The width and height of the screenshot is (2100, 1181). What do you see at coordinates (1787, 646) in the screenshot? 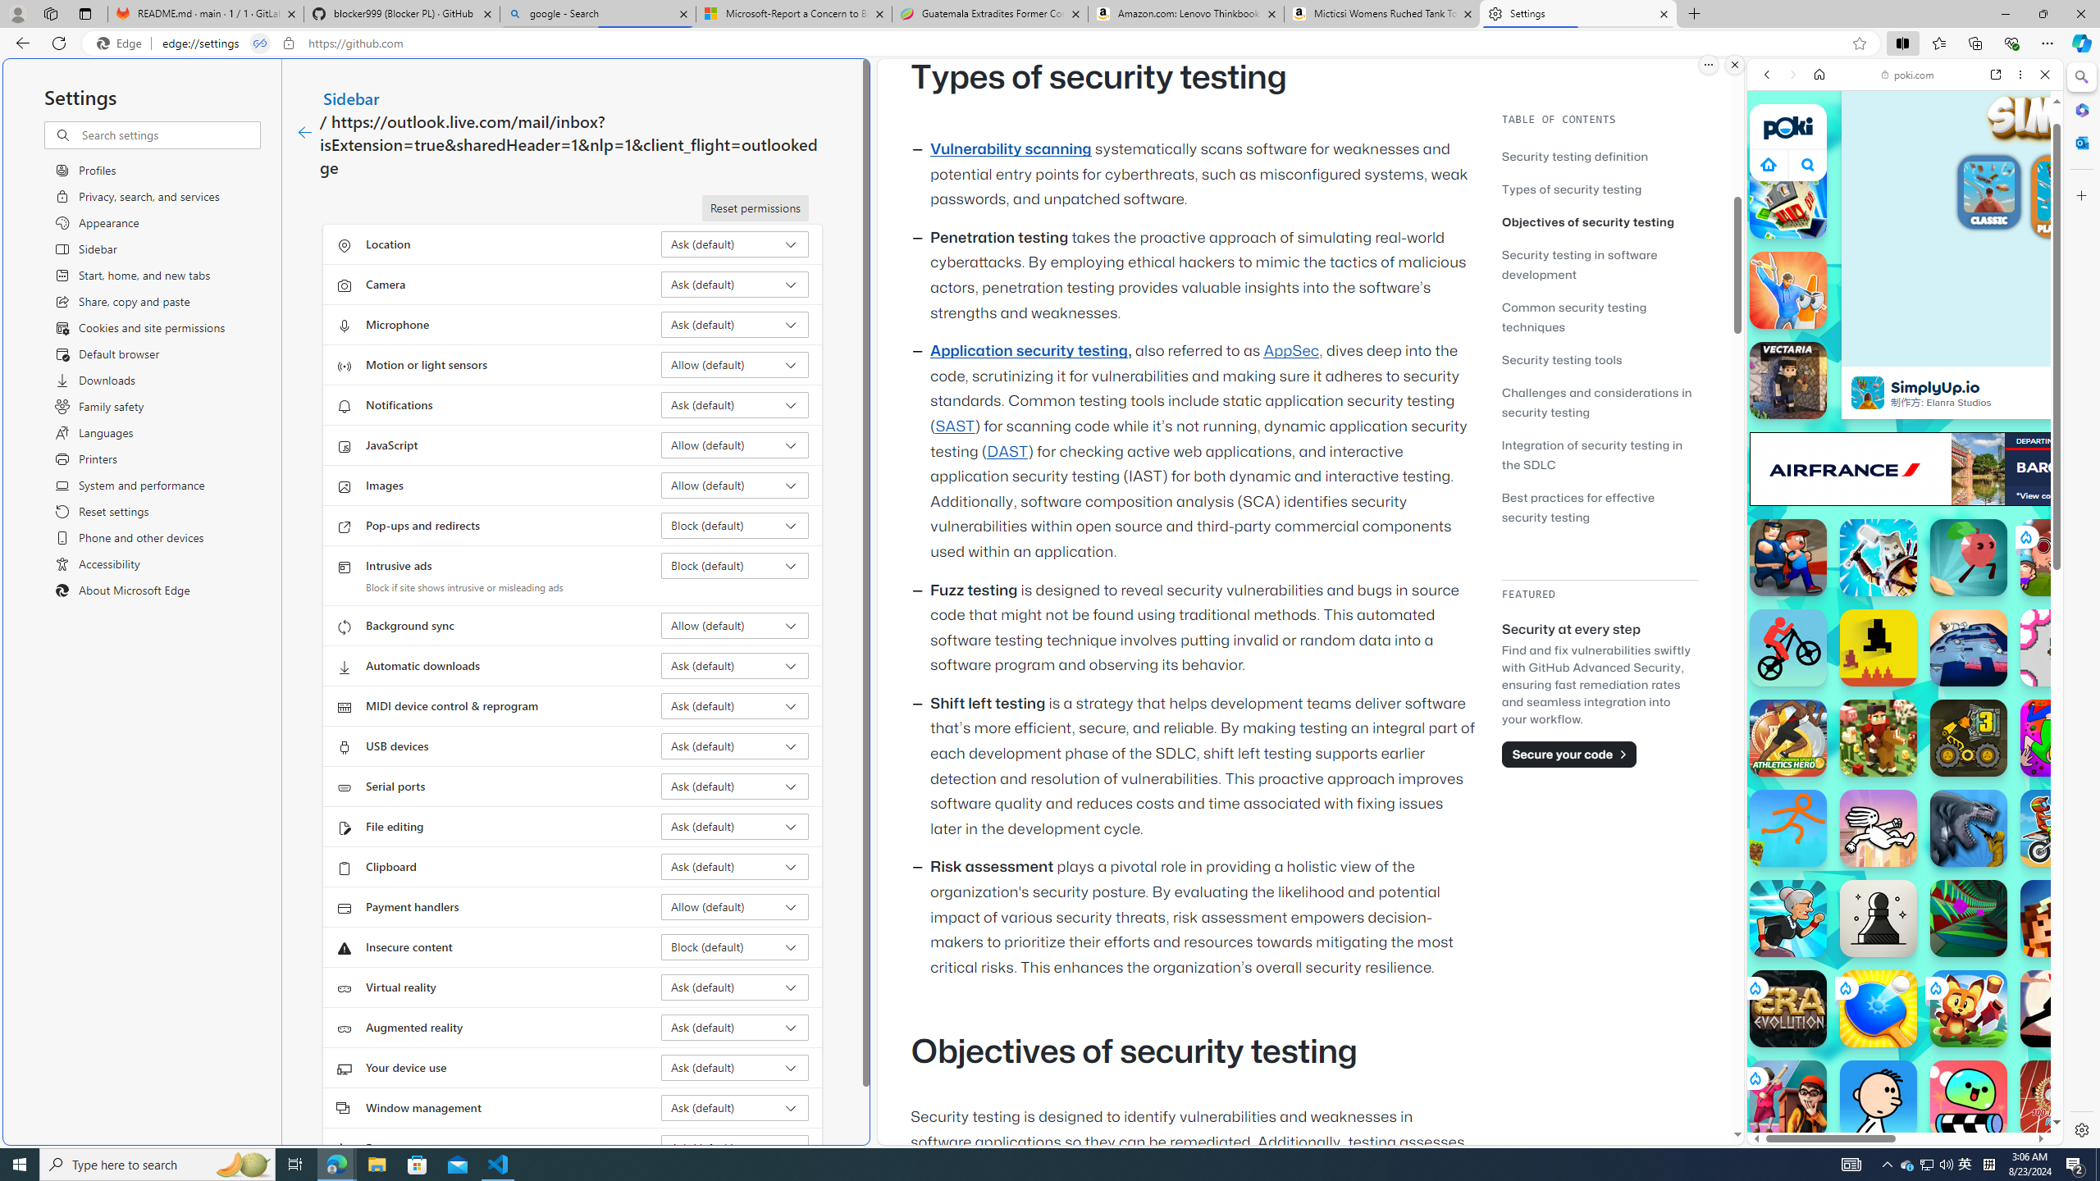
I see `'Stickman Bike Stickman Bike'` at bounding box center [1787, 646].